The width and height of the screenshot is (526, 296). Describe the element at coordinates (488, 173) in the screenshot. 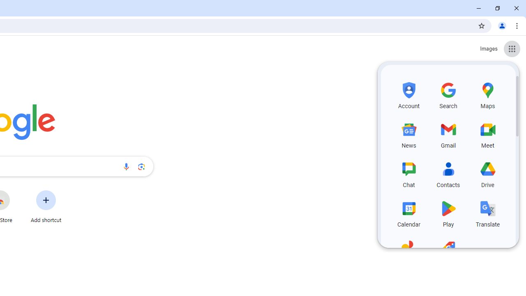

I see `'Drive, row 3 of 5 and column 3 of 3 in the first section'` at that location.